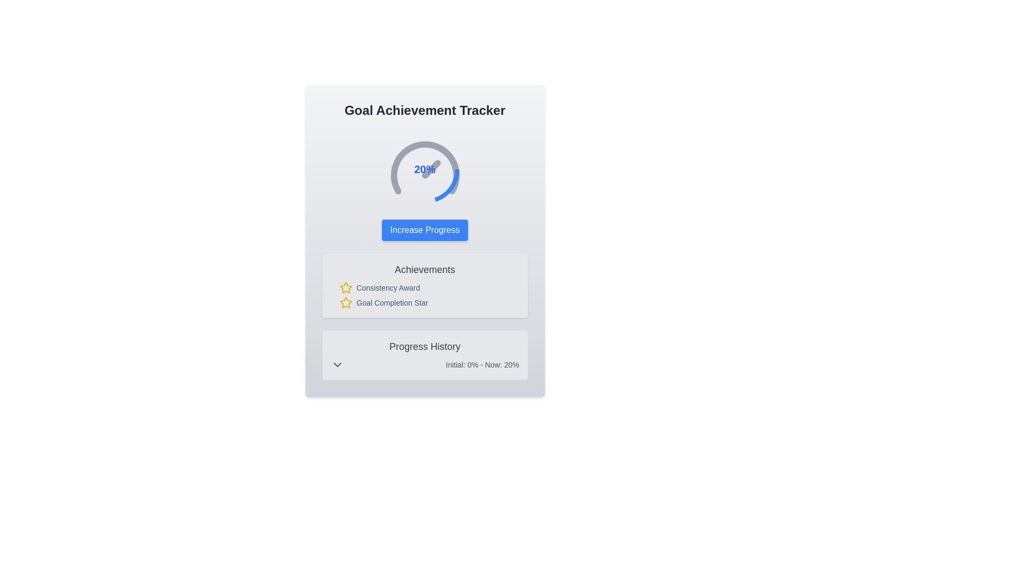 The image size is (1027, 577). I want to click on the text label that displays 'Goal Achievement Tracker', which is the topmost header in dark gray color and bold font, so click(424, 111).